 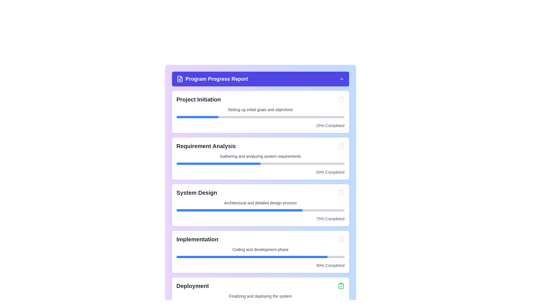 What do you see at coordinates (260, 163) in the screenshot?
I see `the progress bar visually representing the progress of the 'Requirement Analysis' task, which shows that it is 50% completed` at bounding box center [260, 163].